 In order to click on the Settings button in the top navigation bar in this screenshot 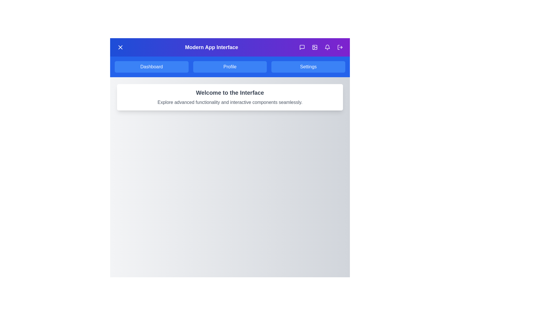, I will do `click(308, 66)`.